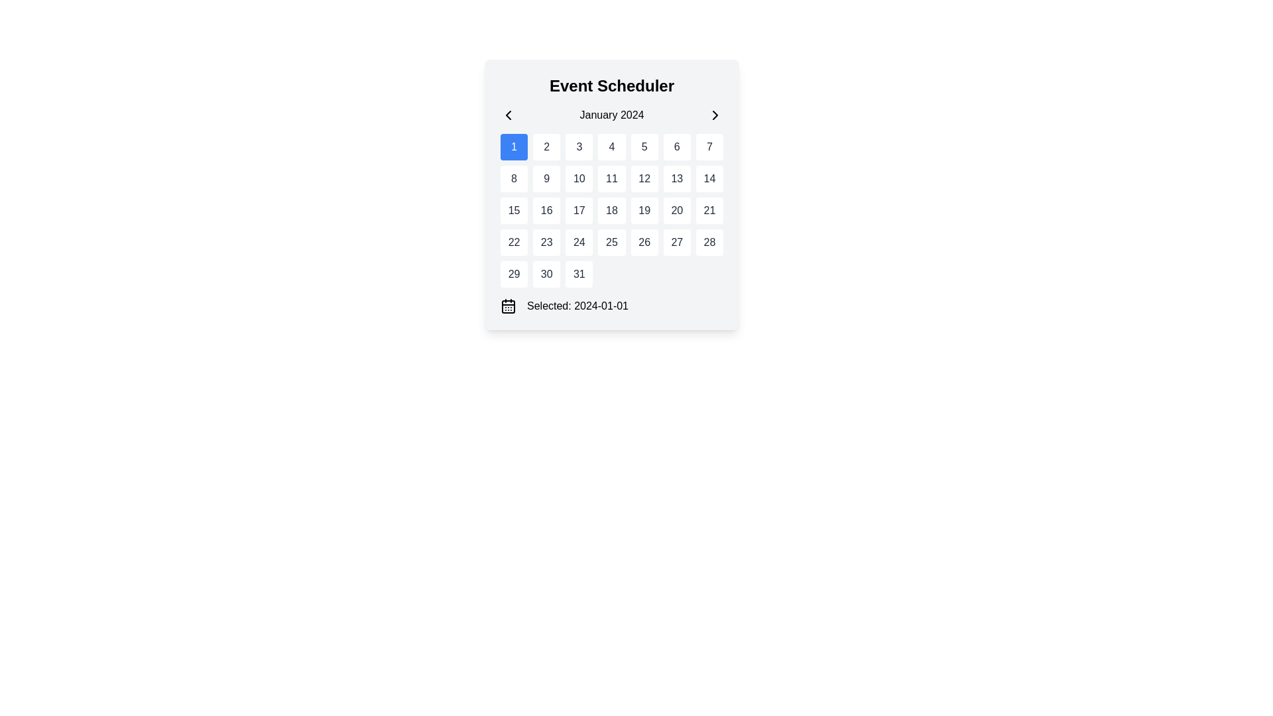 The height and width of the screenshot is (716, 1273). I want to click on the calendar day cell displaying the number '23', so click(546, 243).